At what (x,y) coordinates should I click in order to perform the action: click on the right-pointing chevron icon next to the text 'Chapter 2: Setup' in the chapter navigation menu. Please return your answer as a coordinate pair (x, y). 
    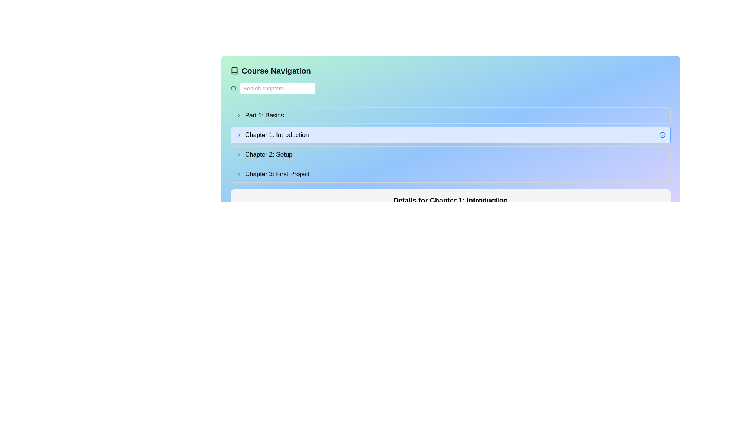
    Looking at the image, I should click on (238, 154).